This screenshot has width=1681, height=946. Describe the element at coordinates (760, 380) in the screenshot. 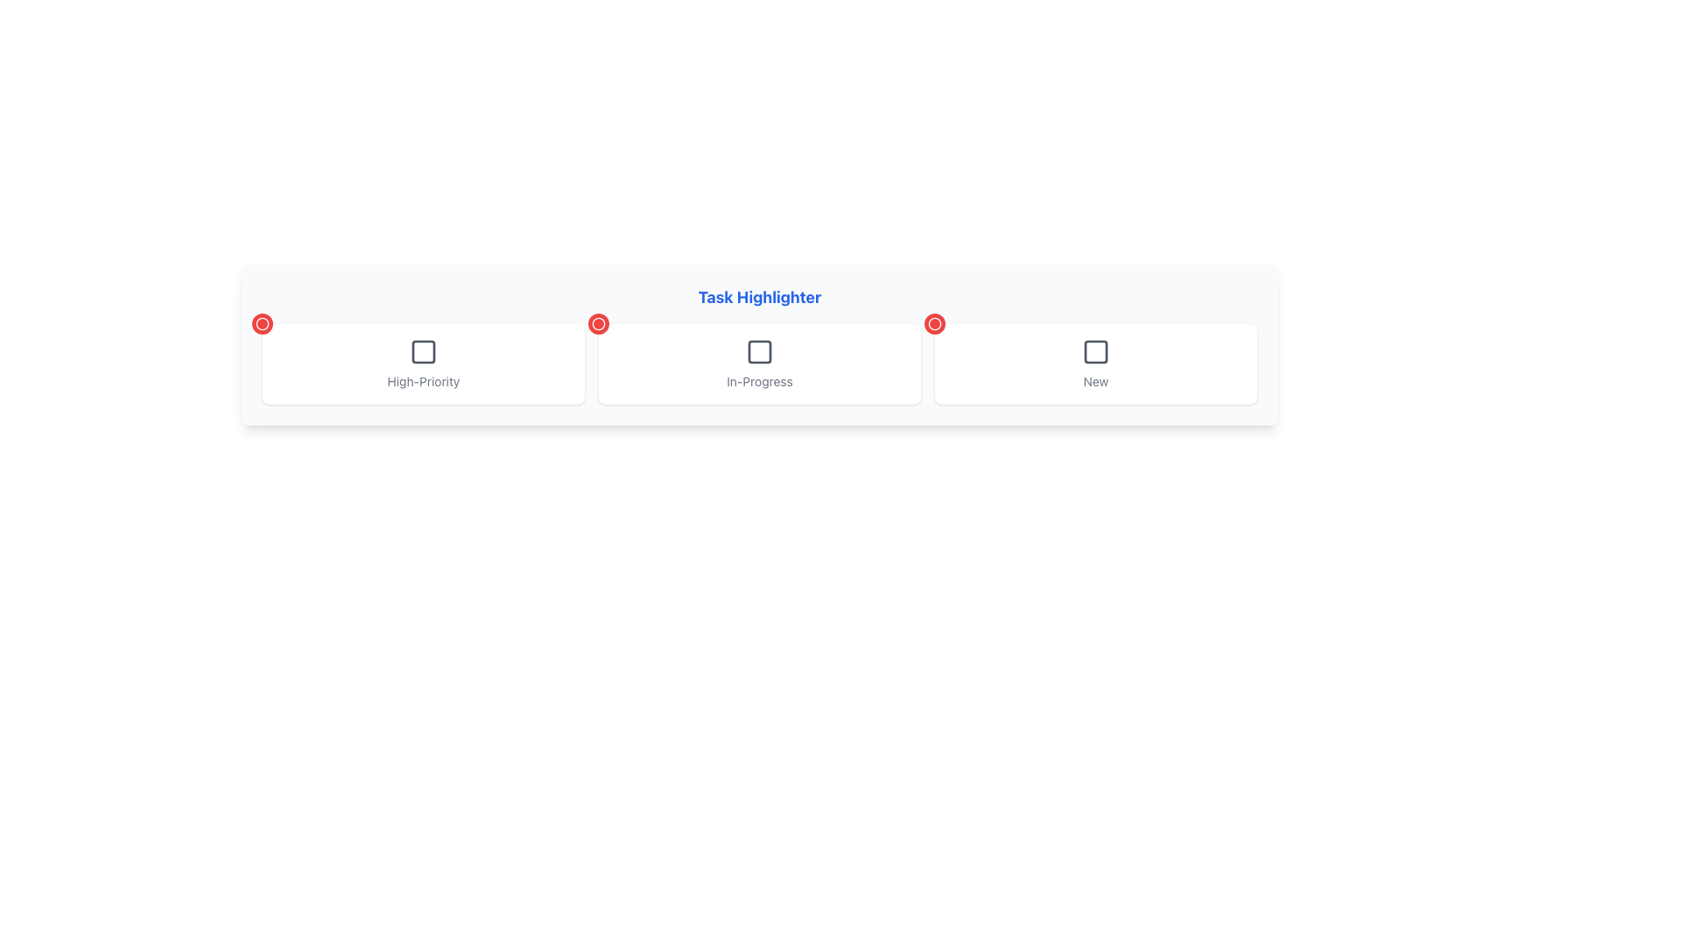

I see `the text label displaying 'In-Progress' in gray color, which is centered in the middle box of a three-box layout, positioned below a checkbox icon` at that location.